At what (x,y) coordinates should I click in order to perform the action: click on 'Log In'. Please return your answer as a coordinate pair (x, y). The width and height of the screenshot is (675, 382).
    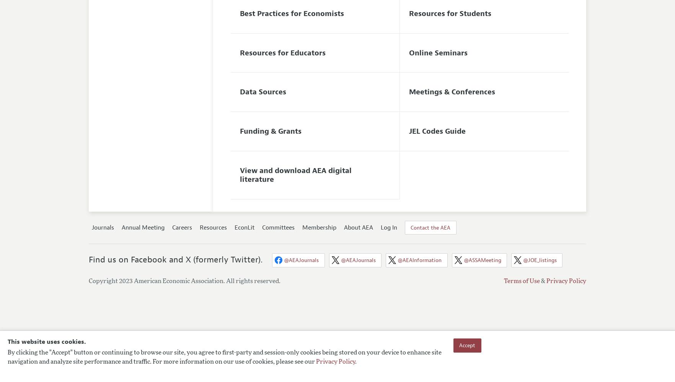
    Looking at the image, I should click on (389, 227).